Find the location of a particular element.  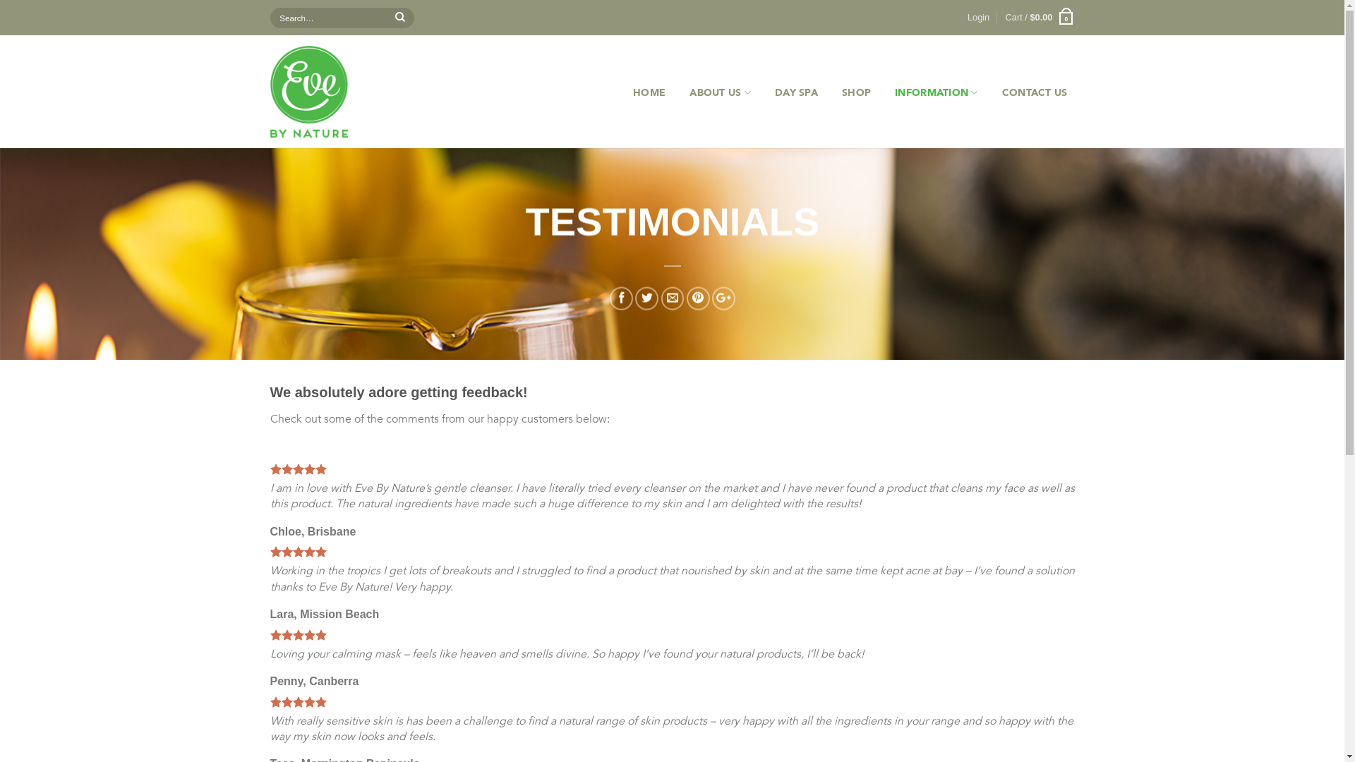

'HOME' is located at coordinates (625, 92).